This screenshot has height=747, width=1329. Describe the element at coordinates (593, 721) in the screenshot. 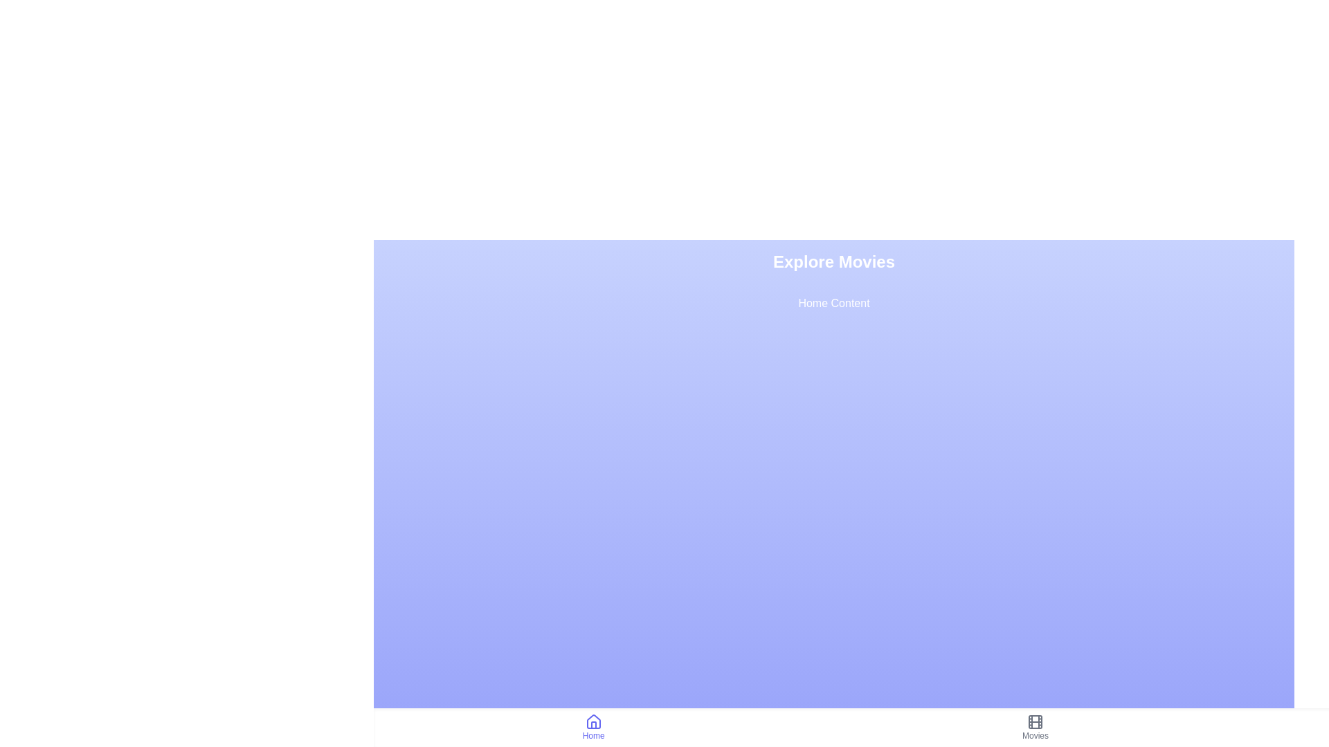

I see `the house icon button located at the bottom-center of the navigation bar` at that location.